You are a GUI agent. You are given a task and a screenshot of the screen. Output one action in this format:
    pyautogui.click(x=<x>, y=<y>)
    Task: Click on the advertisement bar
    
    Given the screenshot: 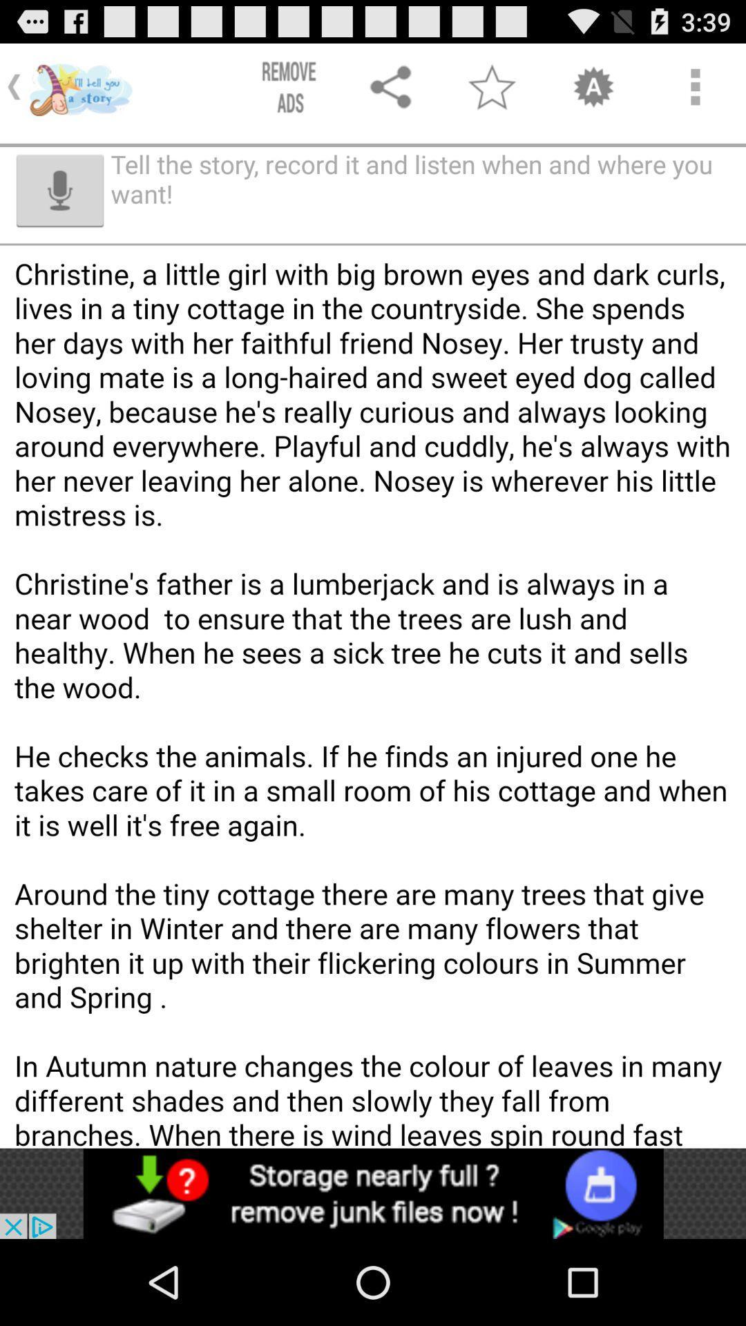 What is the action you would take?
    pyautogui.click(x=373, y=1193)
    